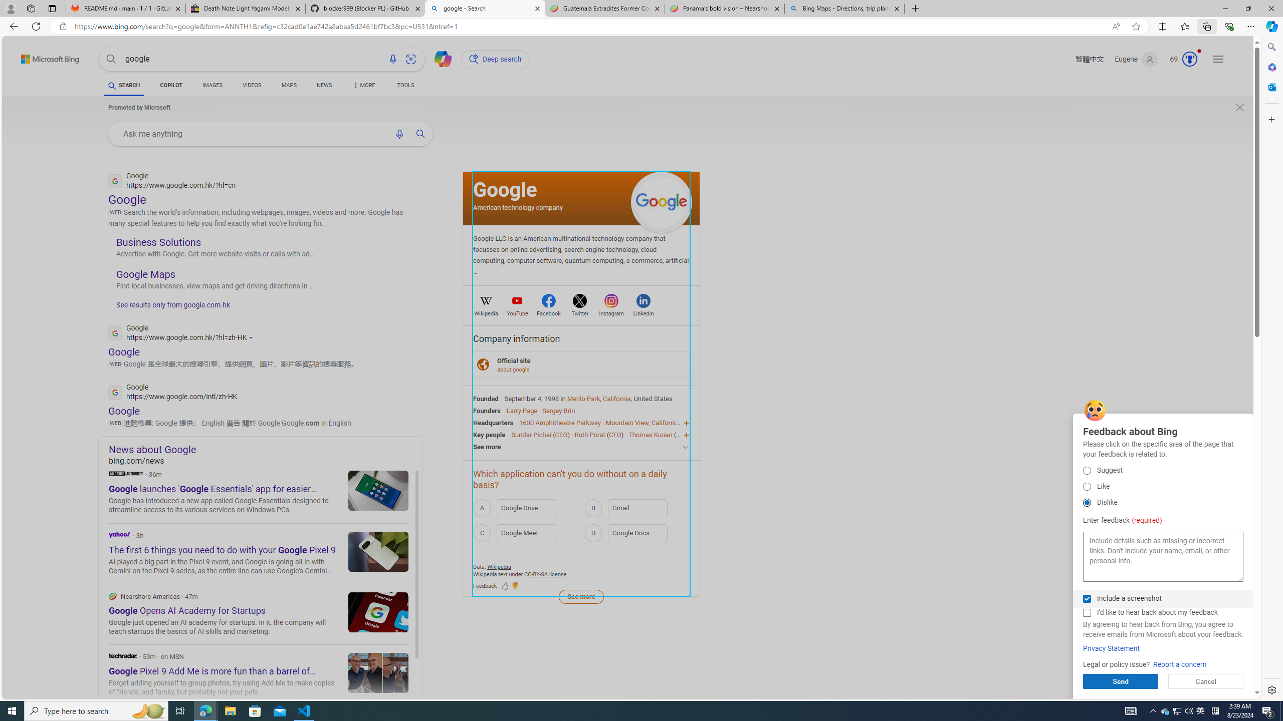 This screenshot has height=721, width=1283. I want to click on 'Privacy Statement', so click(1111, 648).